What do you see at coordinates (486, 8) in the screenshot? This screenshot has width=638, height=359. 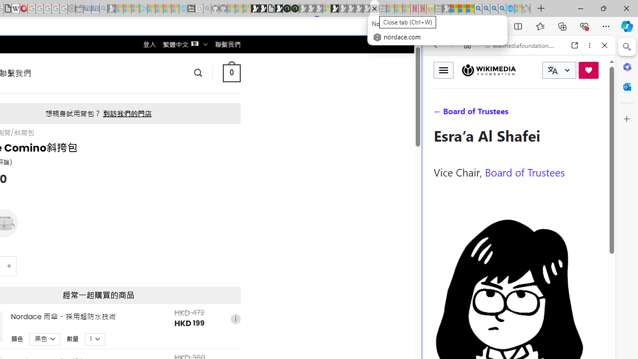 I see `'2009 Bing officially replaced Live Search on June 3 - Search'` at bounding box center [486, 8].